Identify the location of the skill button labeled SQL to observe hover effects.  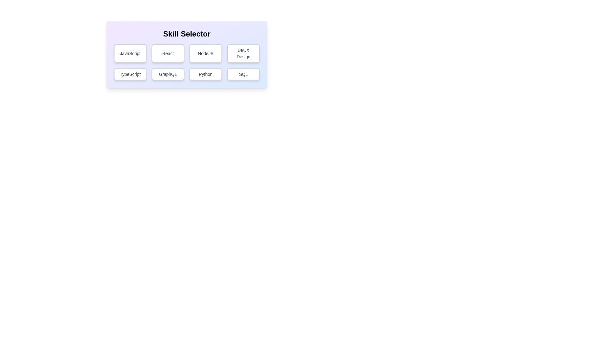
(243, 74).